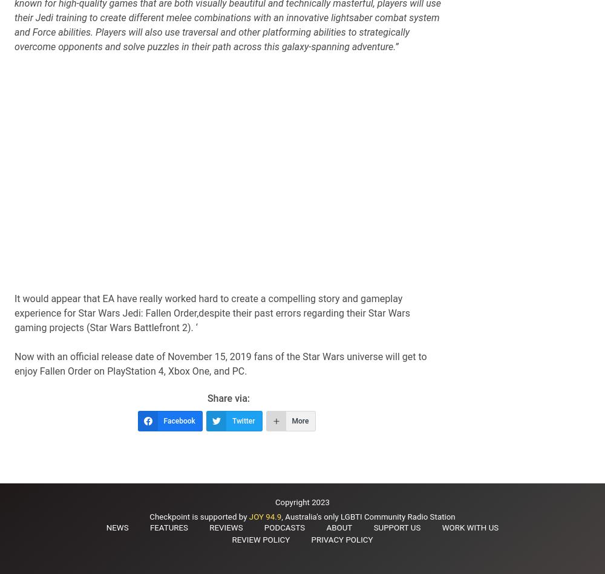  I want to click on 'Review policy', so click(232, 539).